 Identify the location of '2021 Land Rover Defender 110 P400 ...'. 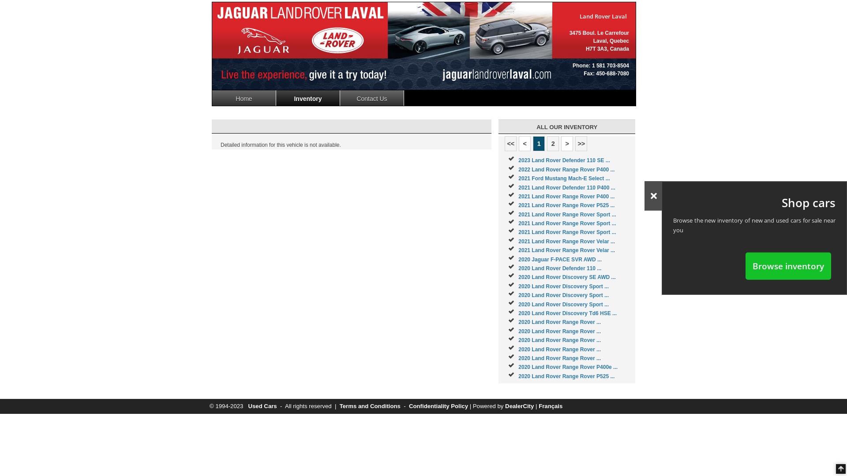
(518, 186).